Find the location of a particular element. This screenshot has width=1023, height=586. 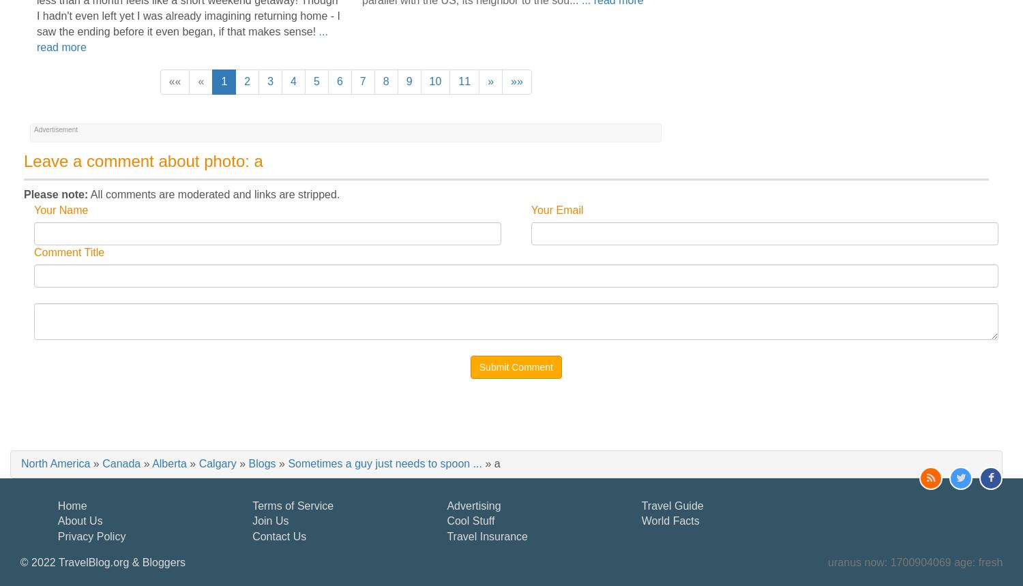

'Join Us' is located at coordinates (270, 521).